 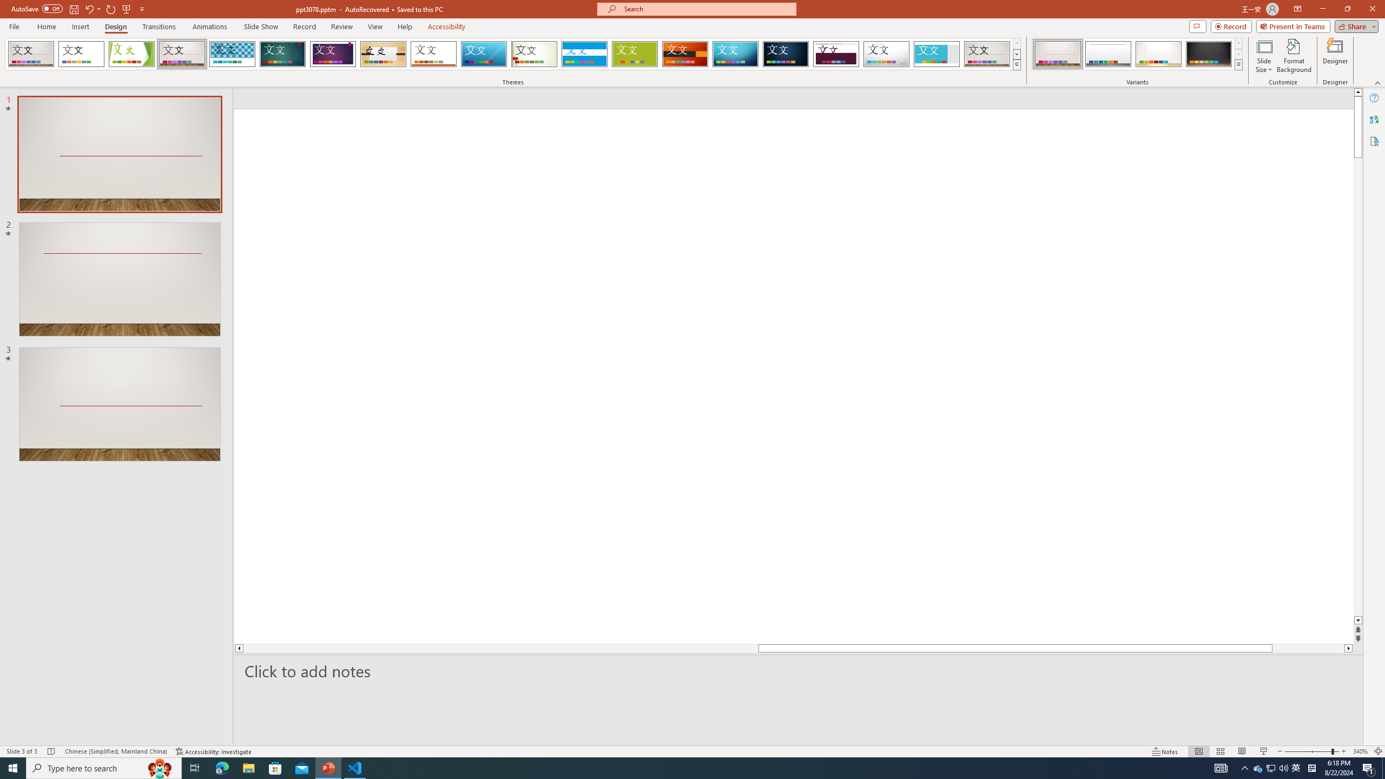 I want to click on 'Gallery Variant 4', so click(x=1208, y=54).